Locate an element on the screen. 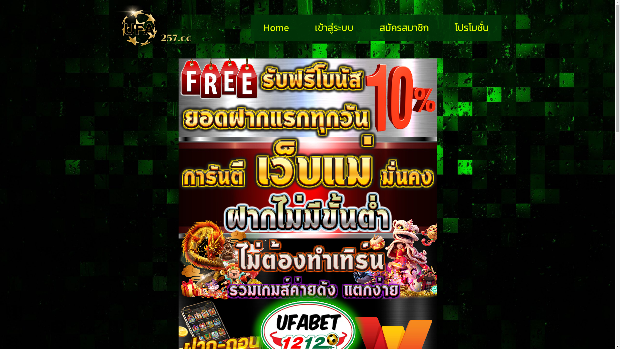  'Home' is located at coordinates (276, 27).